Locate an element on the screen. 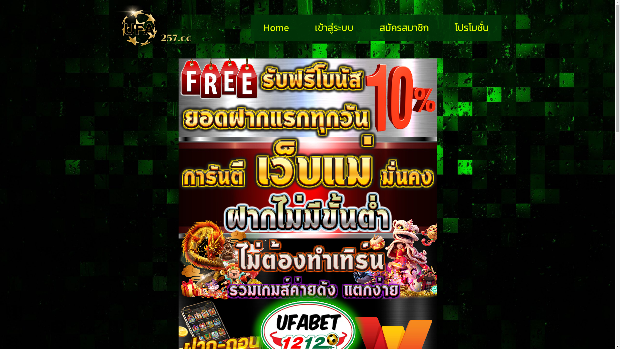  'Home' is located at coordinates (276, 27).